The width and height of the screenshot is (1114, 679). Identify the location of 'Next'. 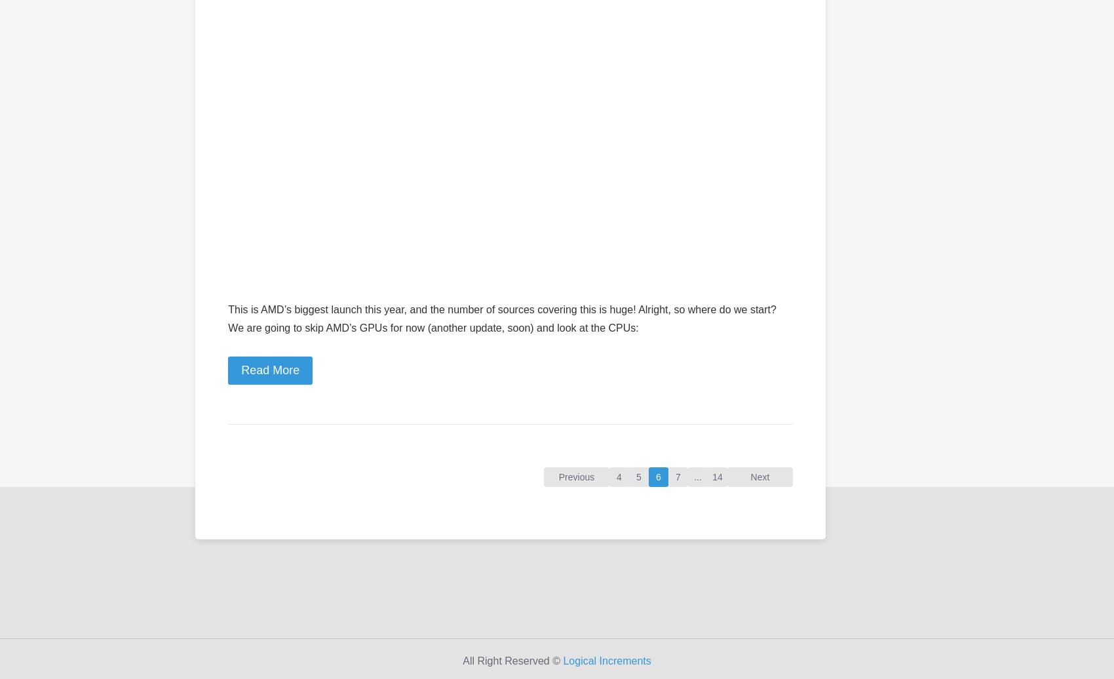
(759, 476).